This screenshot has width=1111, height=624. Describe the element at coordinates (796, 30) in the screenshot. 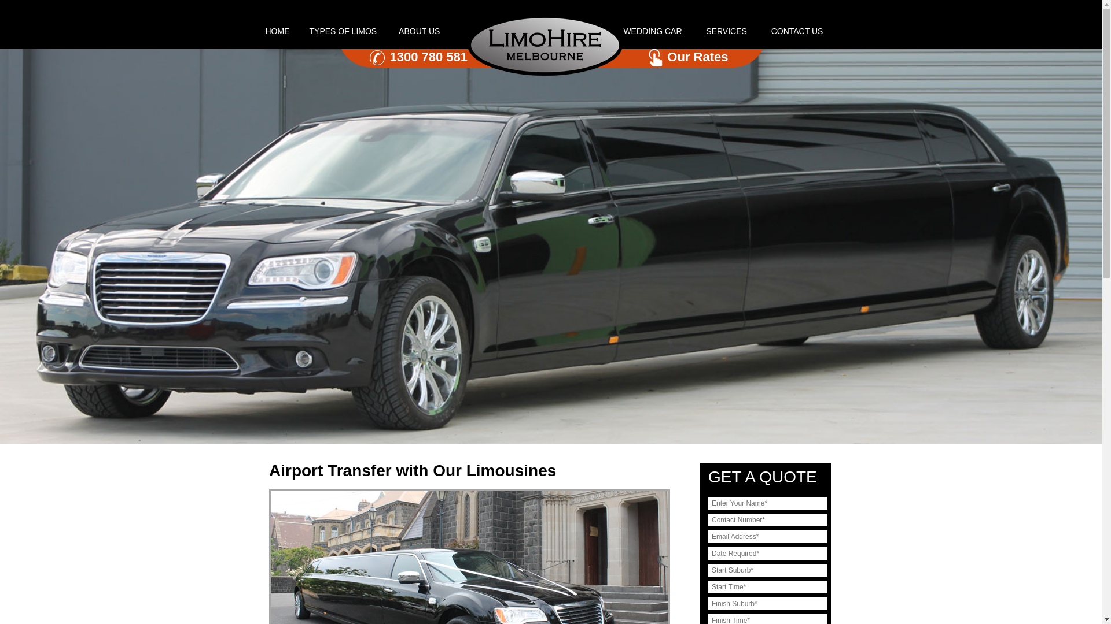

I see `'CONTACT US'` at that location.